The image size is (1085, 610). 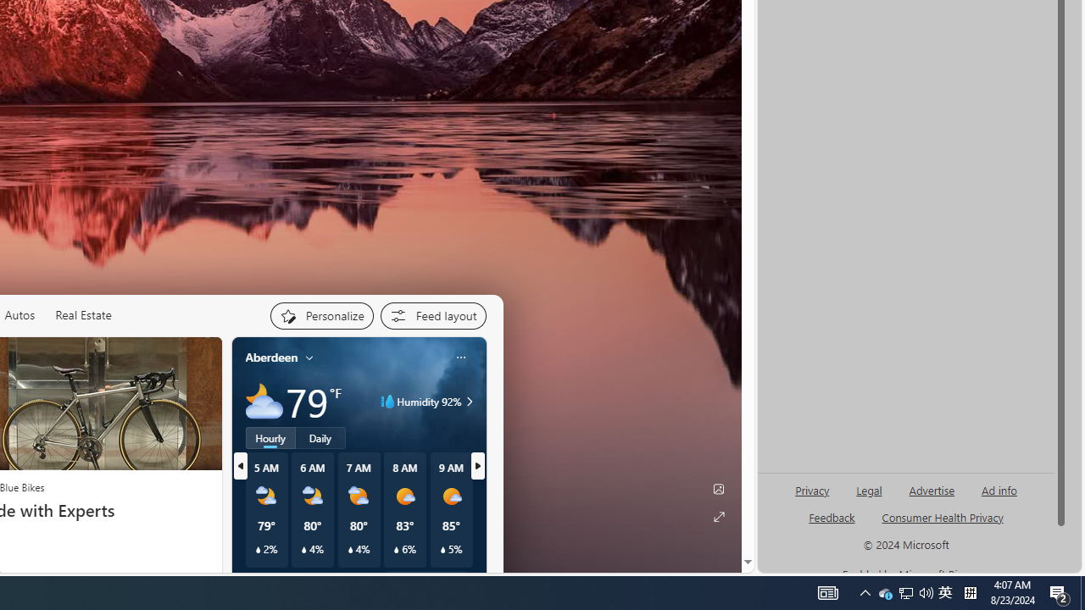 What do you see at coordinates (467, 402) in the screenshot?
I see `'Humidity 92%'` at bounding box center [467, 402].